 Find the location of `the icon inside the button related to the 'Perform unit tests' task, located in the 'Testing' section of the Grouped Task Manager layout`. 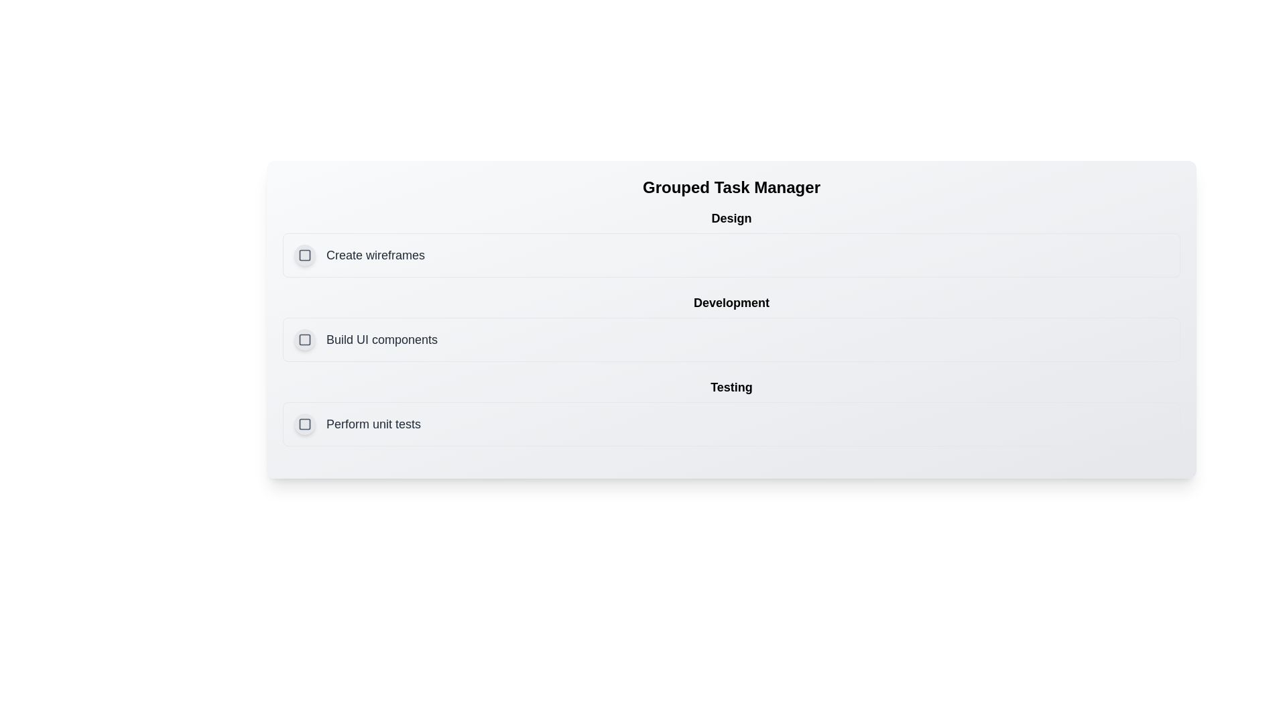

the icon inside the button related to the 'Perform unit tests' task, located in the 'Testing' section of the Grouped Task Manager layout is located at coordinates (304, 424).